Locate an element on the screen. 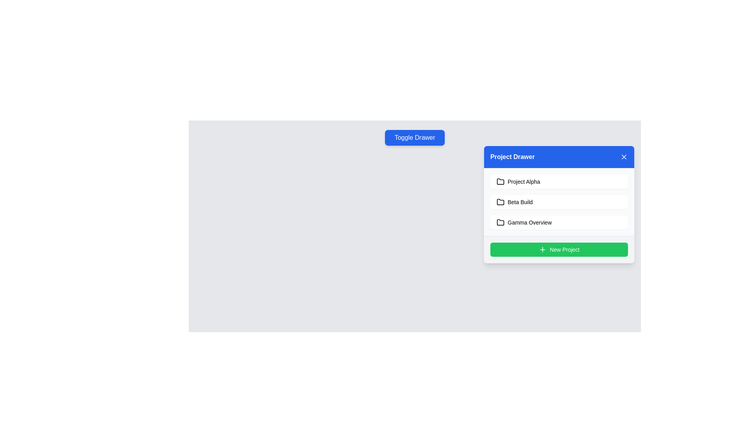 Image resolution: width=755 pixels, height=424 pixels. the folder icon representing the 'Project Alpha' folder, which is located inside the 'Project Drawer' side panel as the first icon to the left of the 'Project Alpha' text is located at coordinates (500, 181).